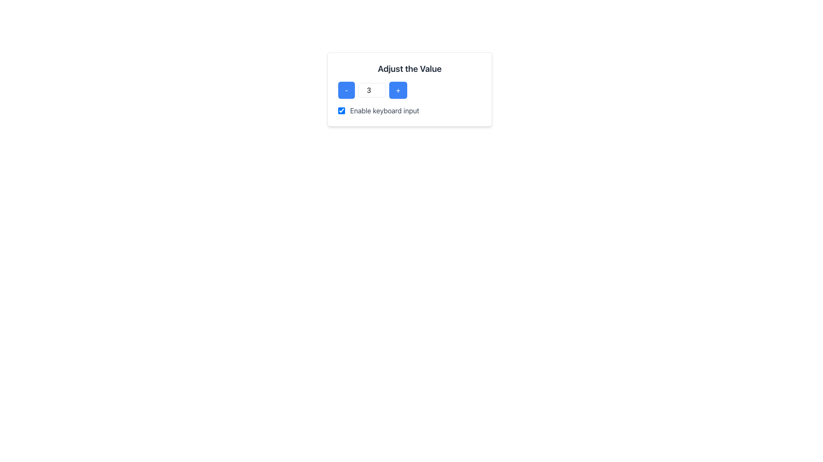 This screenshot has width=823, height=462. What do you see at coordinates (341, 110) in the screenshot?
I see `the blue checkbox with rounded corners located to the left of the text 'Enable keyboard input'` at bounding box center [341, 110].